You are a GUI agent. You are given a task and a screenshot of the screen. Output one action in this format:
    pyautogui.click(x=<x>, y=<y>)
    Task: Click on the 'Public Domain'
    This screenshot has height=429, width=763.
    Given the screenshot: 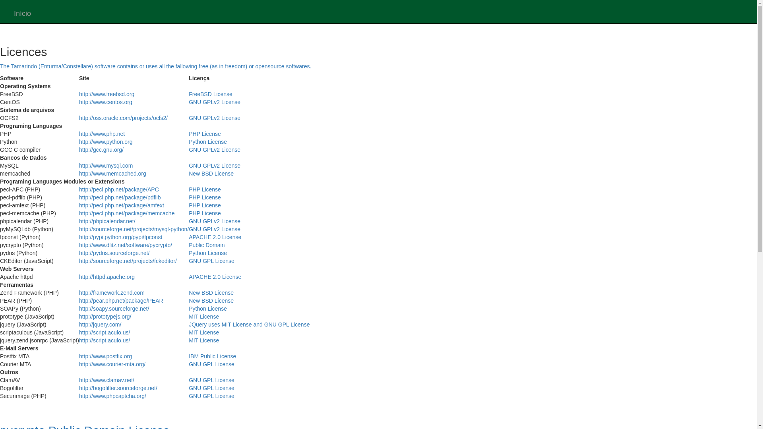 What is the action you would take?
    pyautogui.click(x=206, y=245)
    